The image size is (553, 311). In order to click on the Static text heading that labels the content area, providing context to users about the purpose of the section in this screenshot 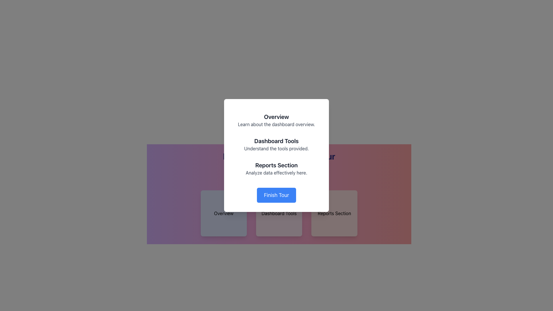, I will do `click(276, 165)`.